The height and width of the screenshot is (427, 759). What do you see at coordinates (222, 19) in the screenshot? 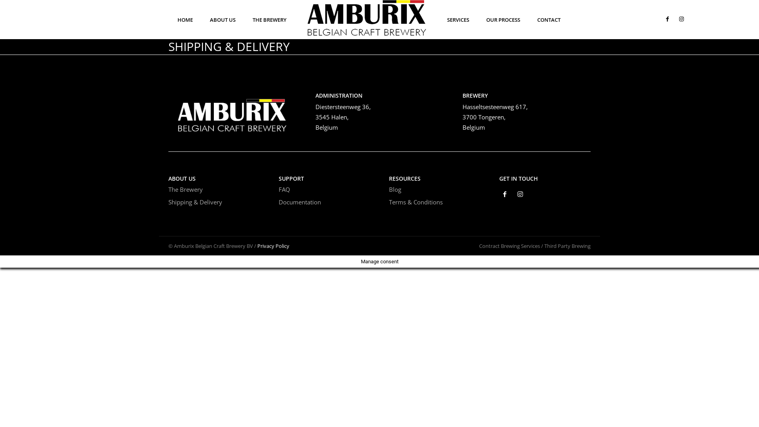
I see `'ABOUT US'` at bounding box center [222, 19].